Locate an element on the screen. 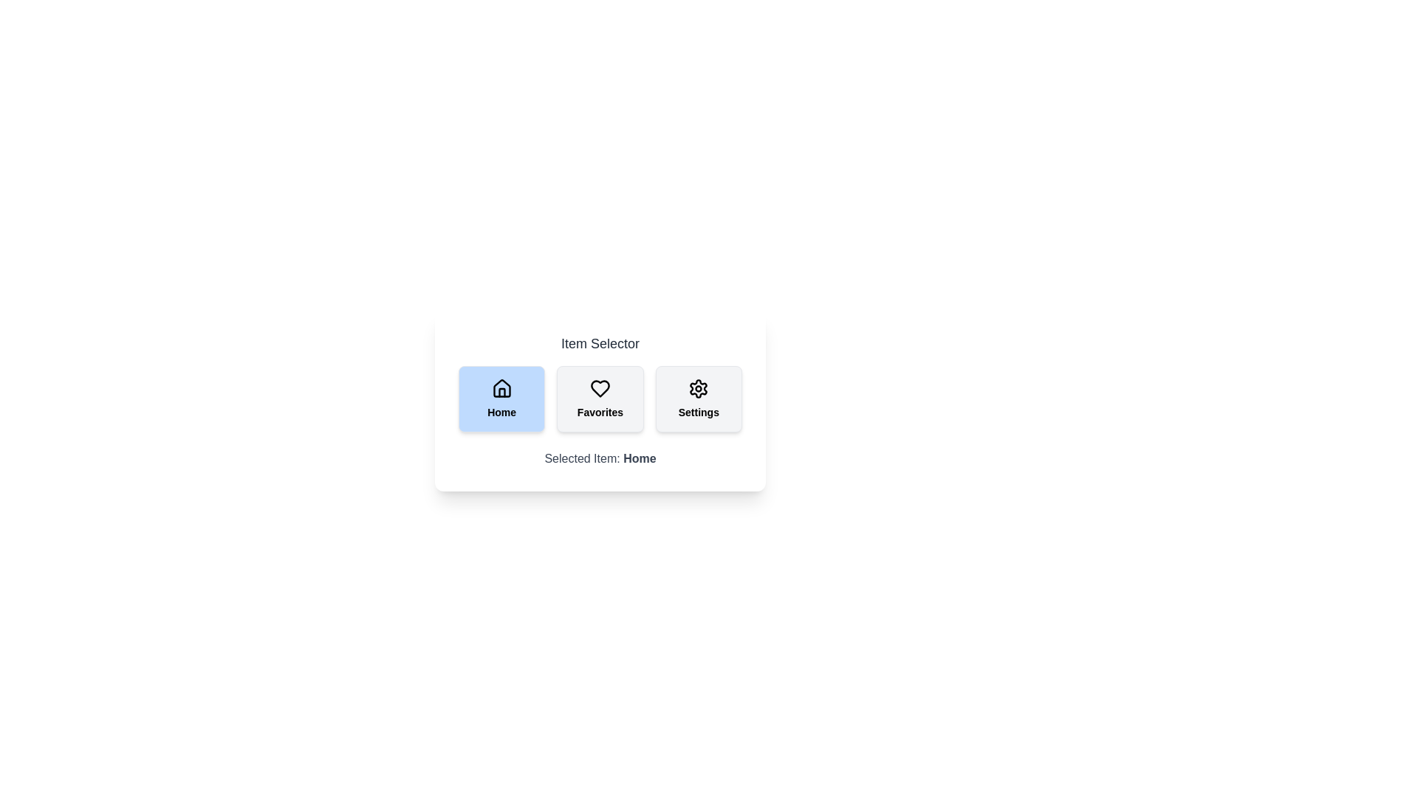 Image resolution: width=1418 pixels, height=797 pixels. the button labeled Home to select it is located at coordinates (501, 398).